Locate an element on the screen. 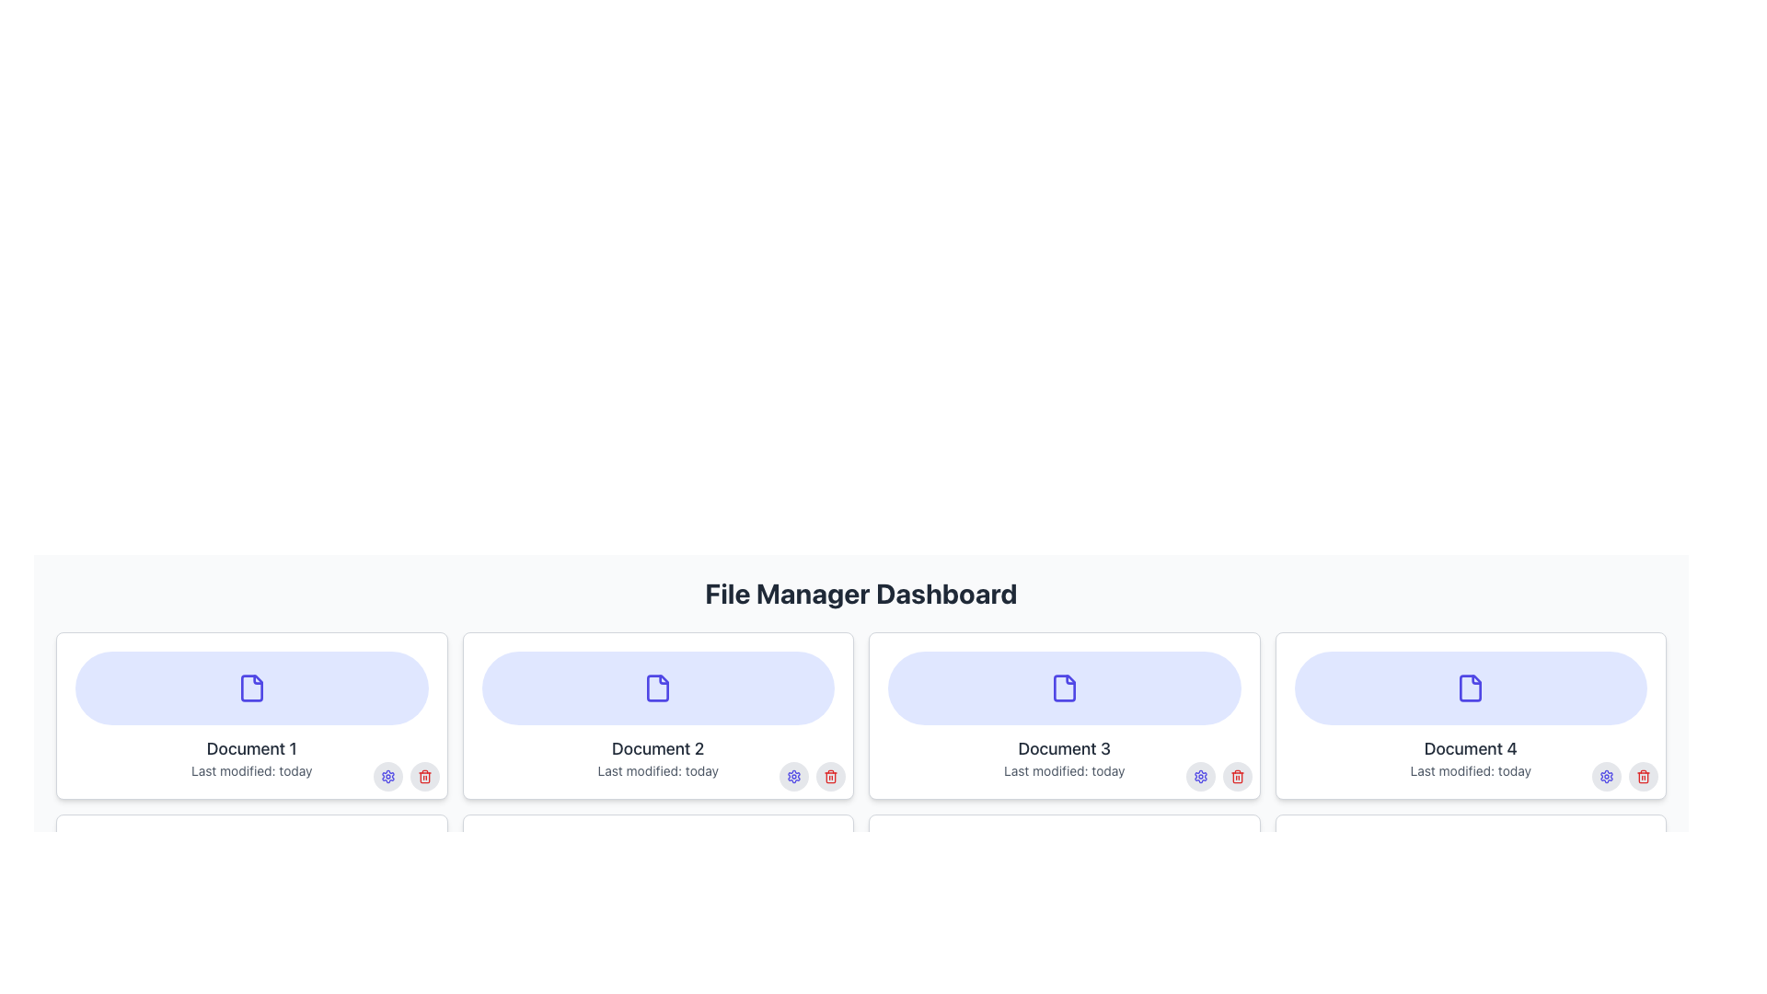  the circular settings button with a gray background and gear icon located at the bottom-right corner of the first document card is located at coordinates (387, 777).